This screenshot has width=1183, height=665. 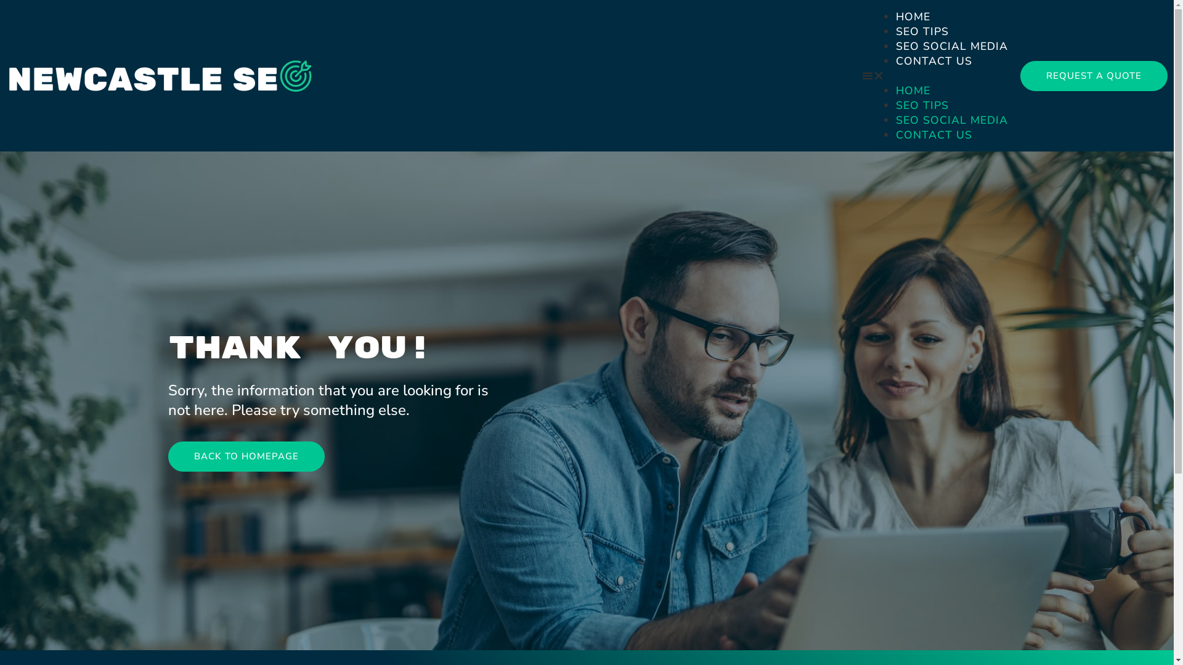 I want to click on 'SEO SOCIAL MEDIA', so click(x=951, y=120).